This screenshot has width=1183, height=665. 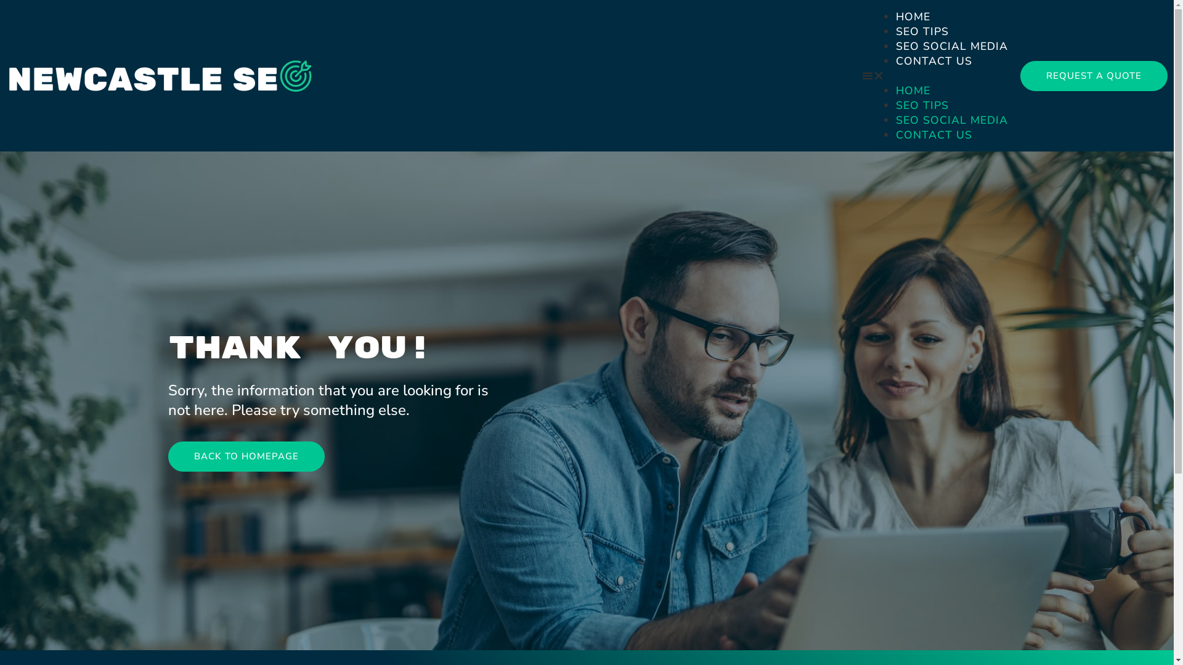 I want to click on 'SEO SOCIAL MEDIA', so click(x=951, y=120).